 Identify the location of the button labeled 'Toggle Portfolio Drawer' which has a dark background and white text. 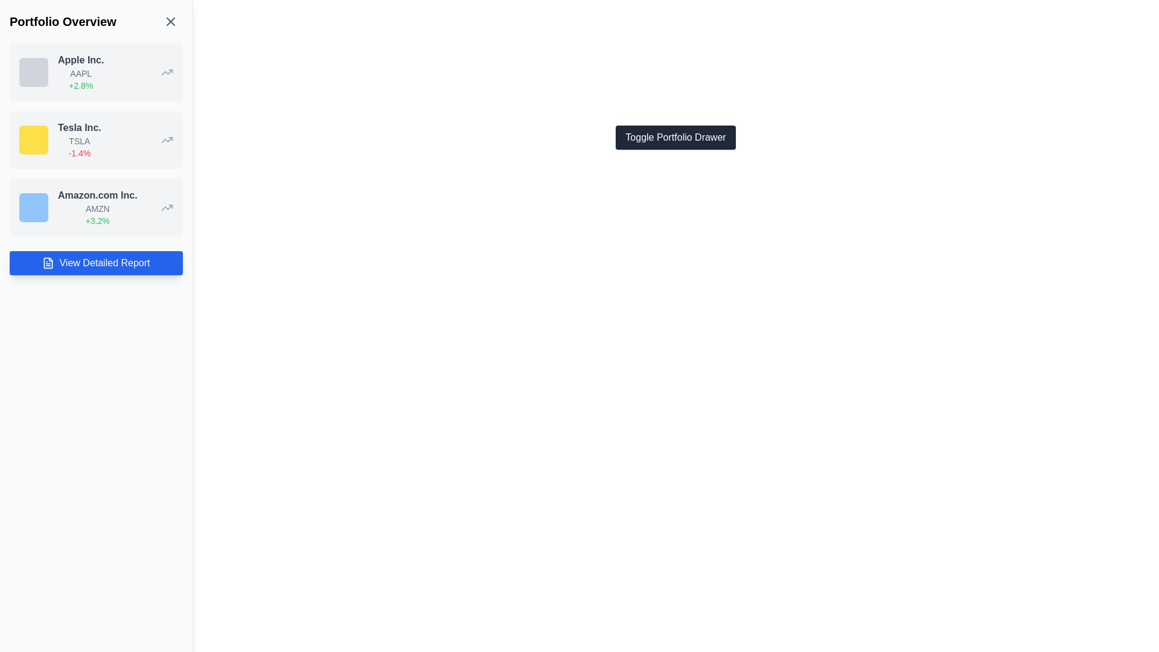
(675, 136).